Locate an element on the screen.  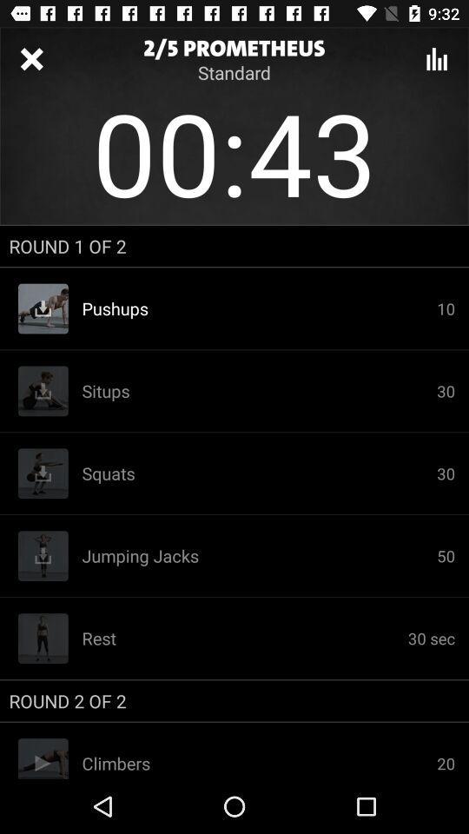
window is located at coordinates (31, 59).